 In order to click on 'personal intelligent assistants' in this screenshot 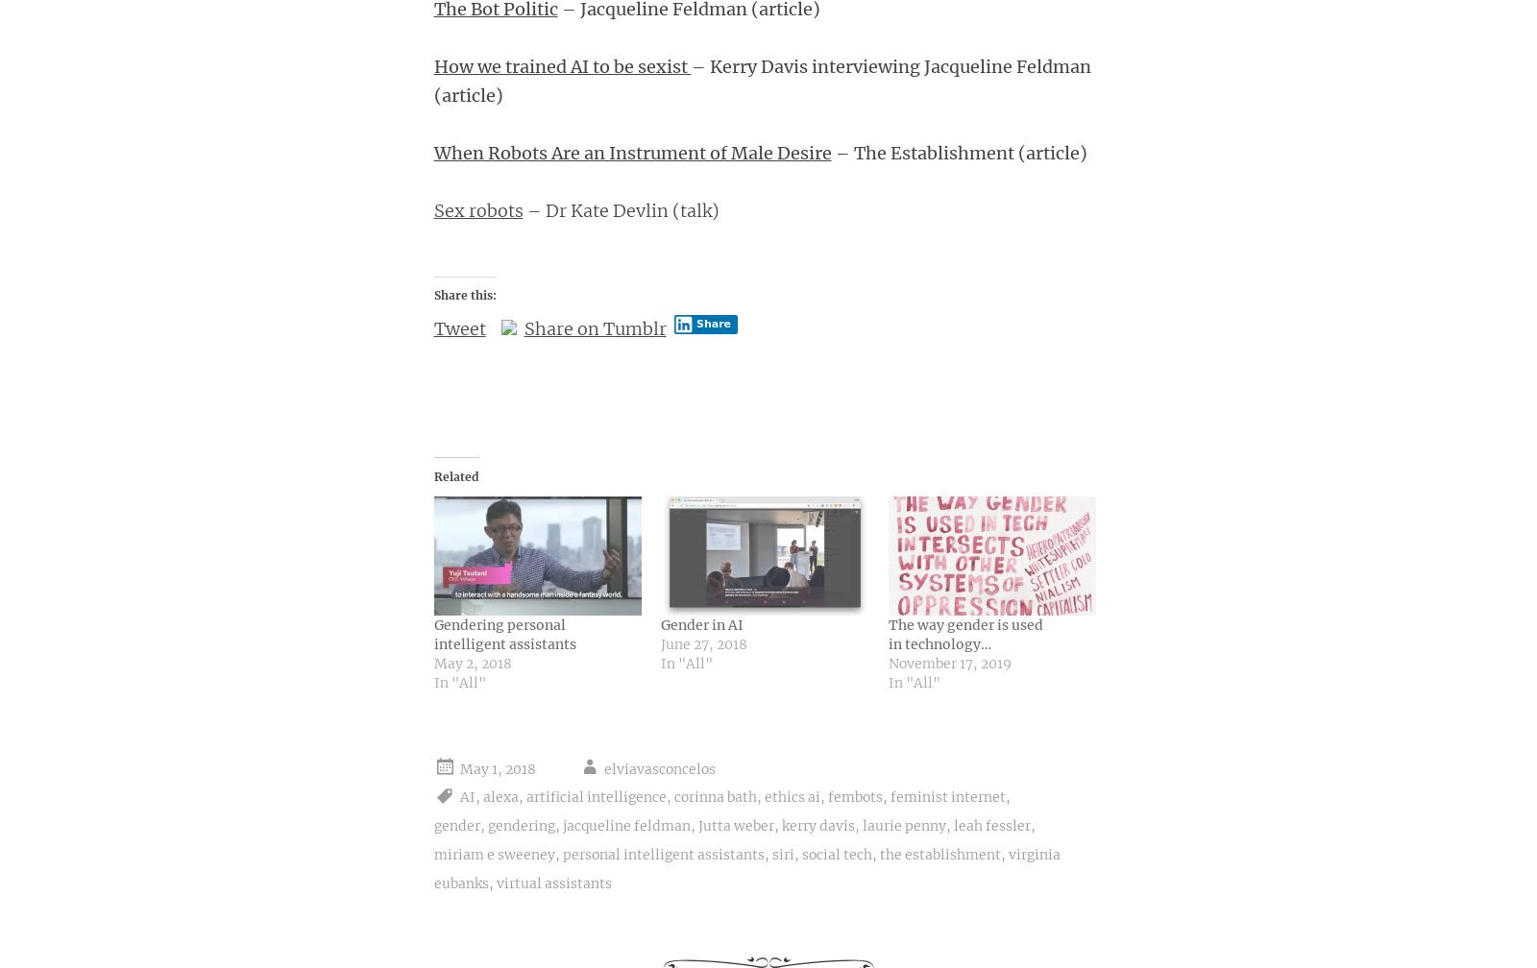, I will do `click(560, 853)`.